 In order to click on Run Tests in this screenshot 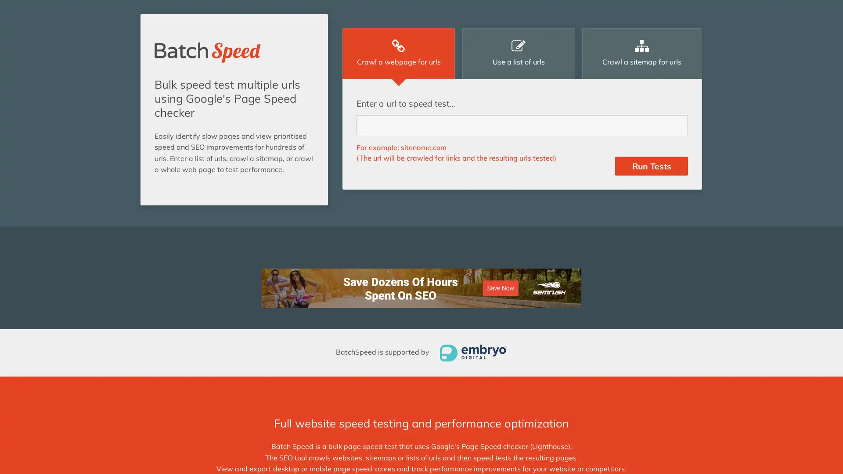, I will do `click(651, 166)`.